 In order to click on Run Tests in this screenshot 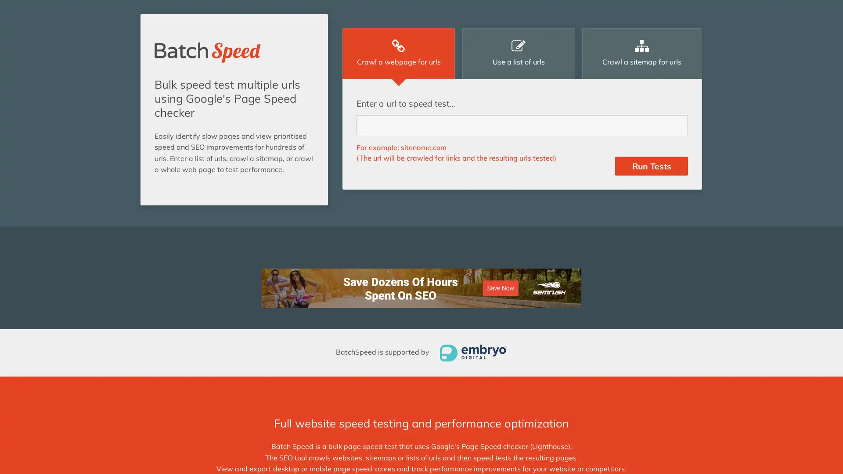, I will do `click(651, 166)`.